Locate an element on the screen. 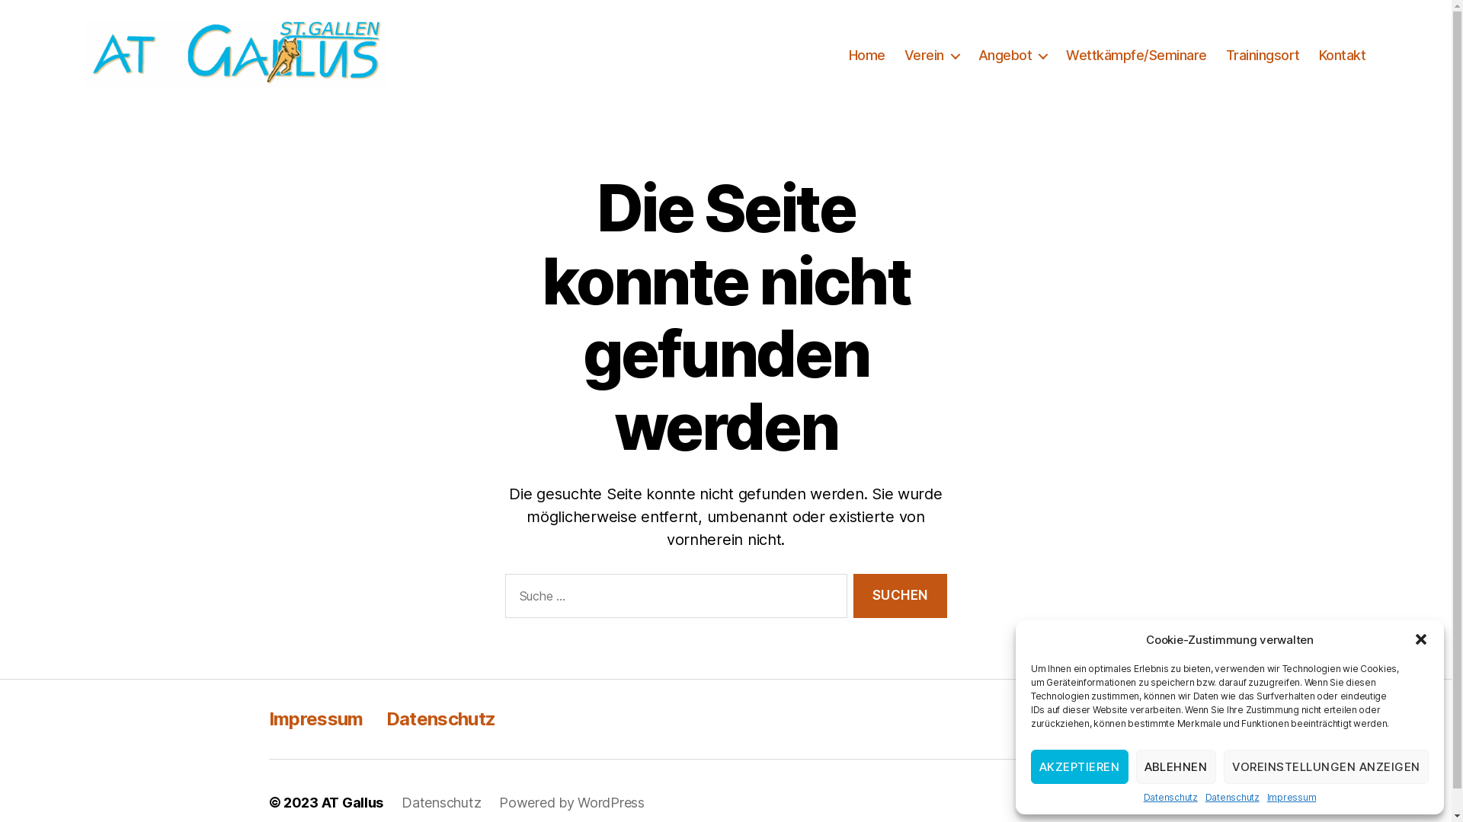 The width and height of the screenshot is (1463, 822). 'Datenschutz' is located at coordinates (1232, 796).